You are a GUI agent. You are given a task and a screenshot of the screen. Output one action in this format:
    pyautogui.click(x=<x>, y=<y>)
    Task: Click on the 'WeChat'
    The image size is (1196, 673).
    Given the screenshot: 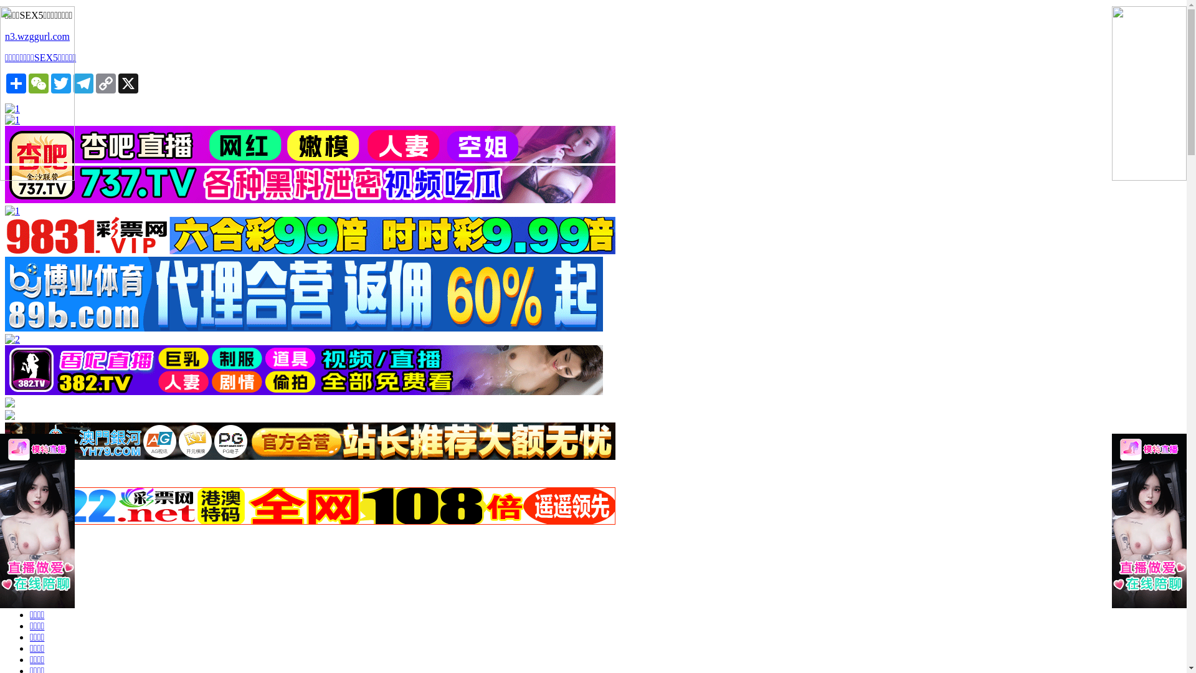 What is the action you would take?
    pyautogui.click(x=39, y=84)
    